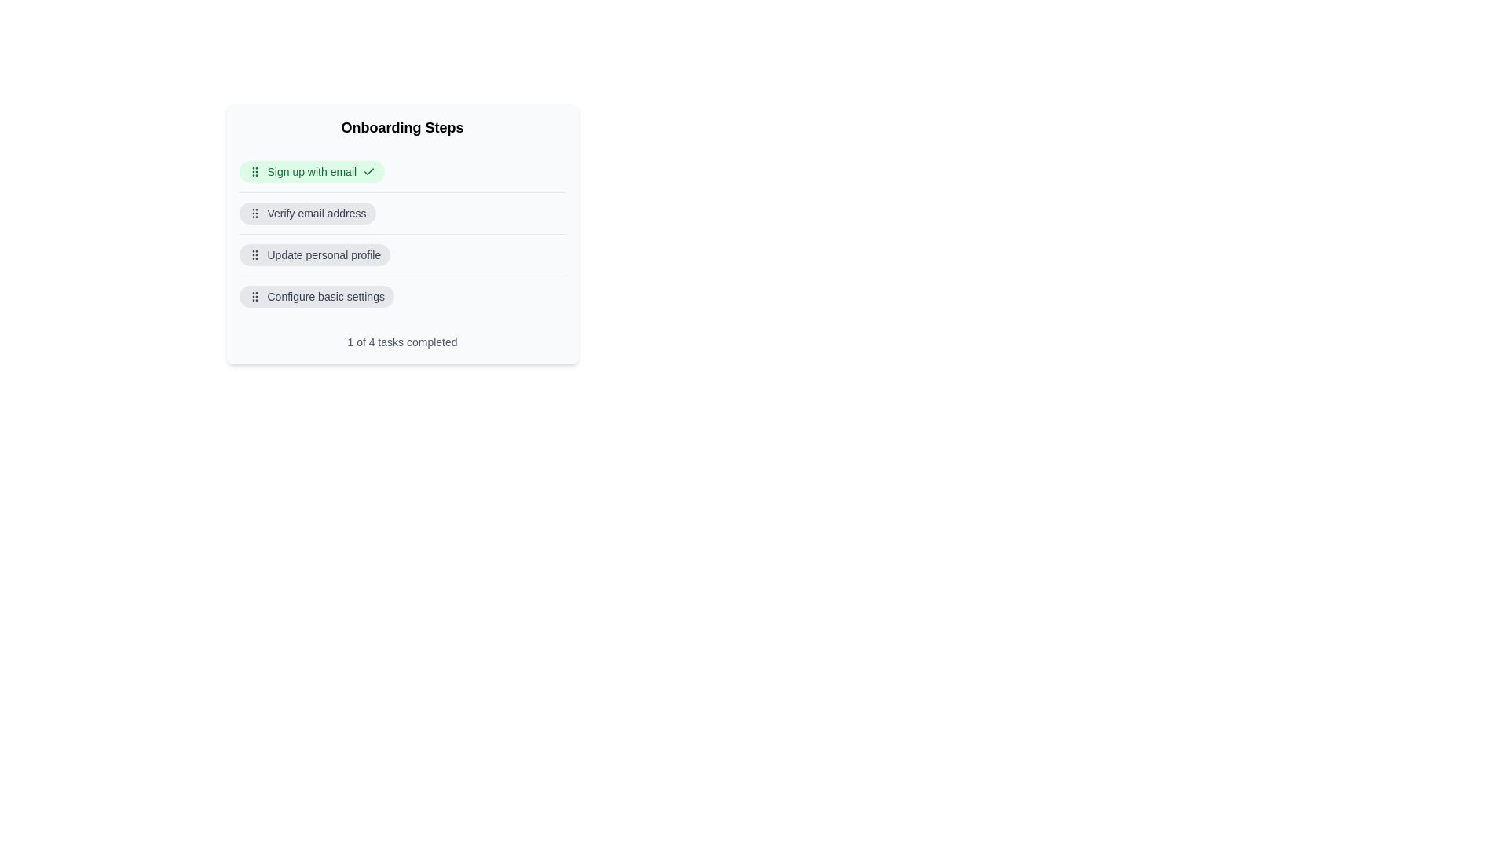 The image size is (1508, 848). I want to click on the text element reading 'Sign up with email' which is styled with a medium-bold font and contained within a green background rounded shape, located in the first row of the 'Onboarding Steps' list, so click(312, 172).